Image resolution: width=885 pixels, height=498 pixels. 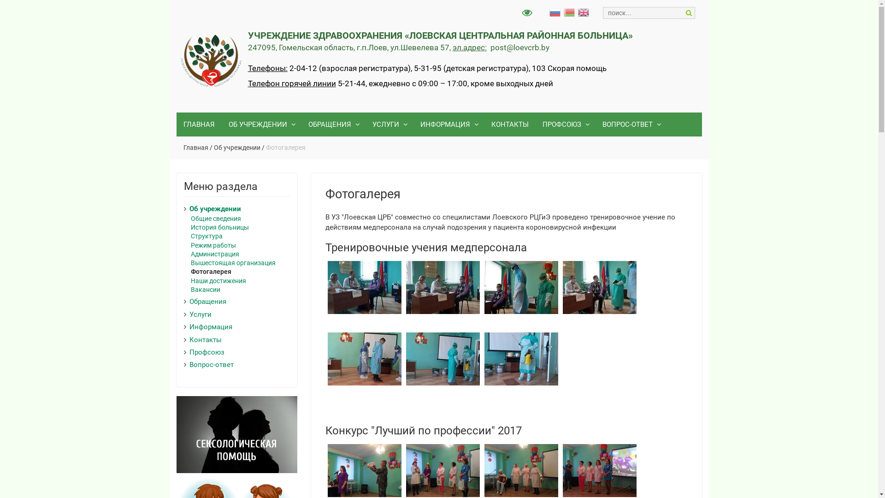 What do you see at coordinates (490, 47) in the screenshot?
I see `'post@loevcrb.by'` at bounding box center [490, 47].